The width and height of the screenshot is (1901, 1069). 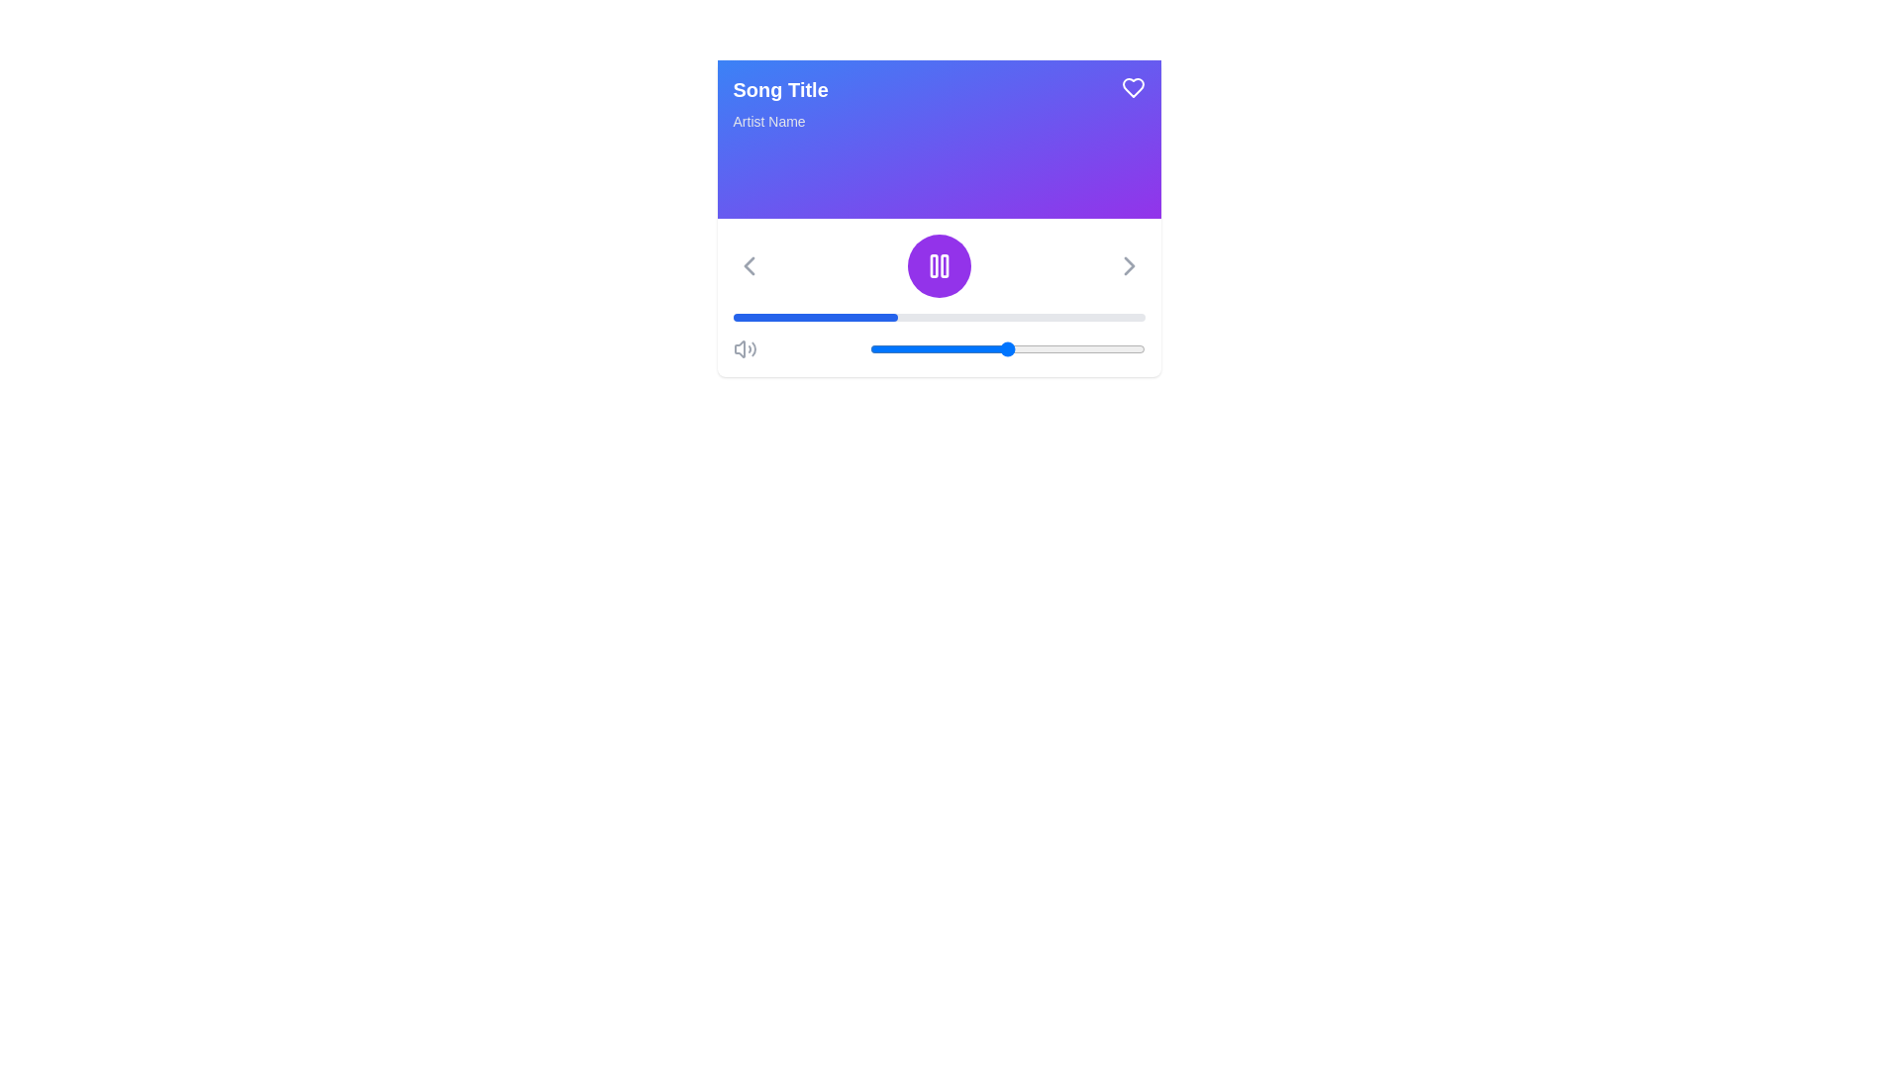 What do you see at coordinates (1126, 348) in the screenshot?
I see `the slider value` at bounding box center [1126, 348].